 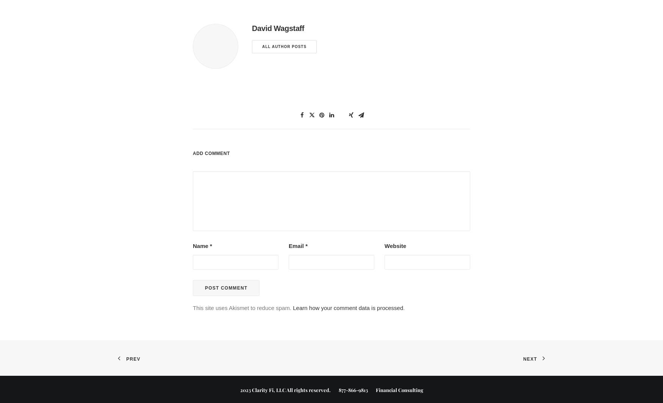 What do you see at coordinates (297, 245) in the screenshot?
I see `'Email'` at bounding box center [297, 245].